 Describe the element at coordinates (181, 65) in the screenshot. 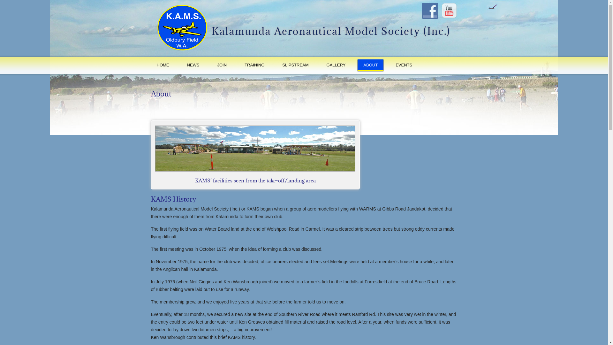

I see `'NEWS'` at that location.